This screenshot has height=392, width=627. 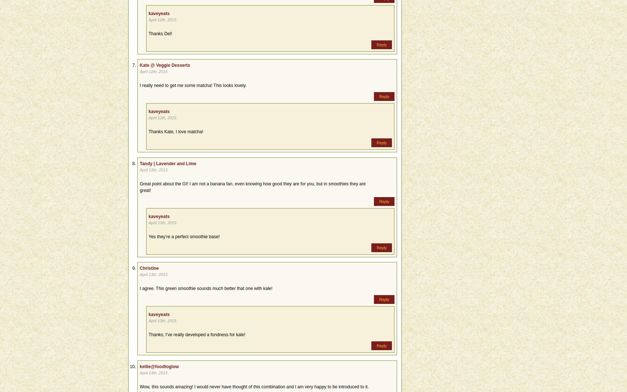 I want to click on 'I agree. This green smoothie sounds much better that one with kale!', so click(x=206, y=288).